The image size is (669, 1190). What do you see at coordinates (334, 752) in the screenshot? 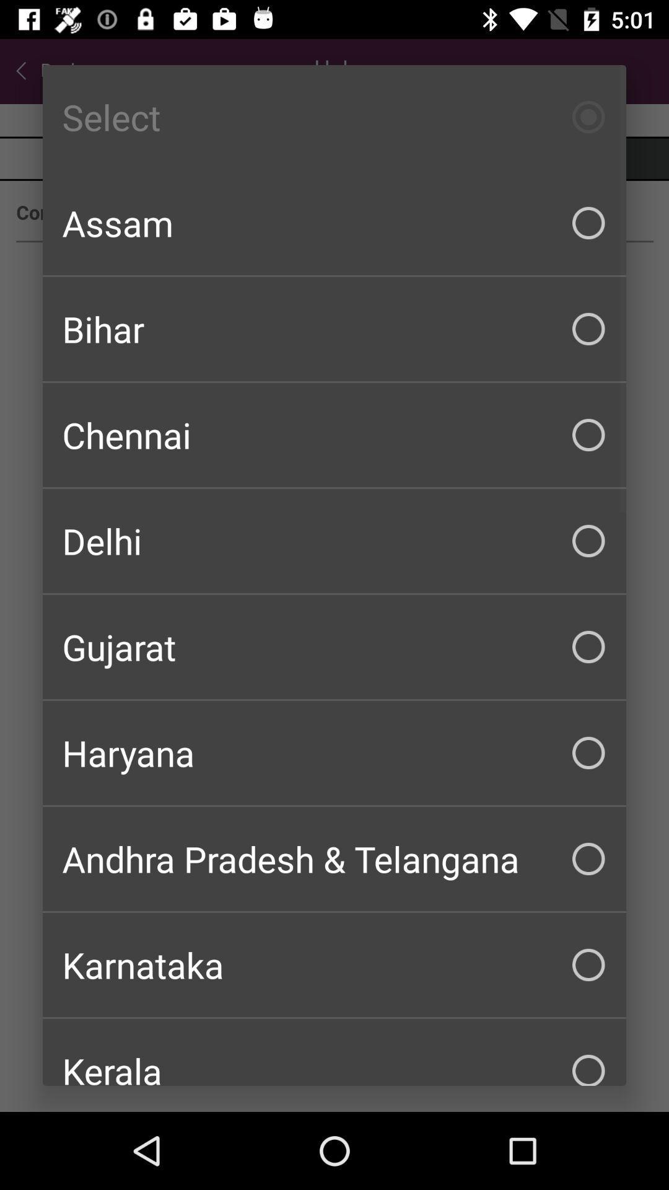
I see `the checkbox above the andhra pradesh & telangana item` at bounding box center [334, 752].